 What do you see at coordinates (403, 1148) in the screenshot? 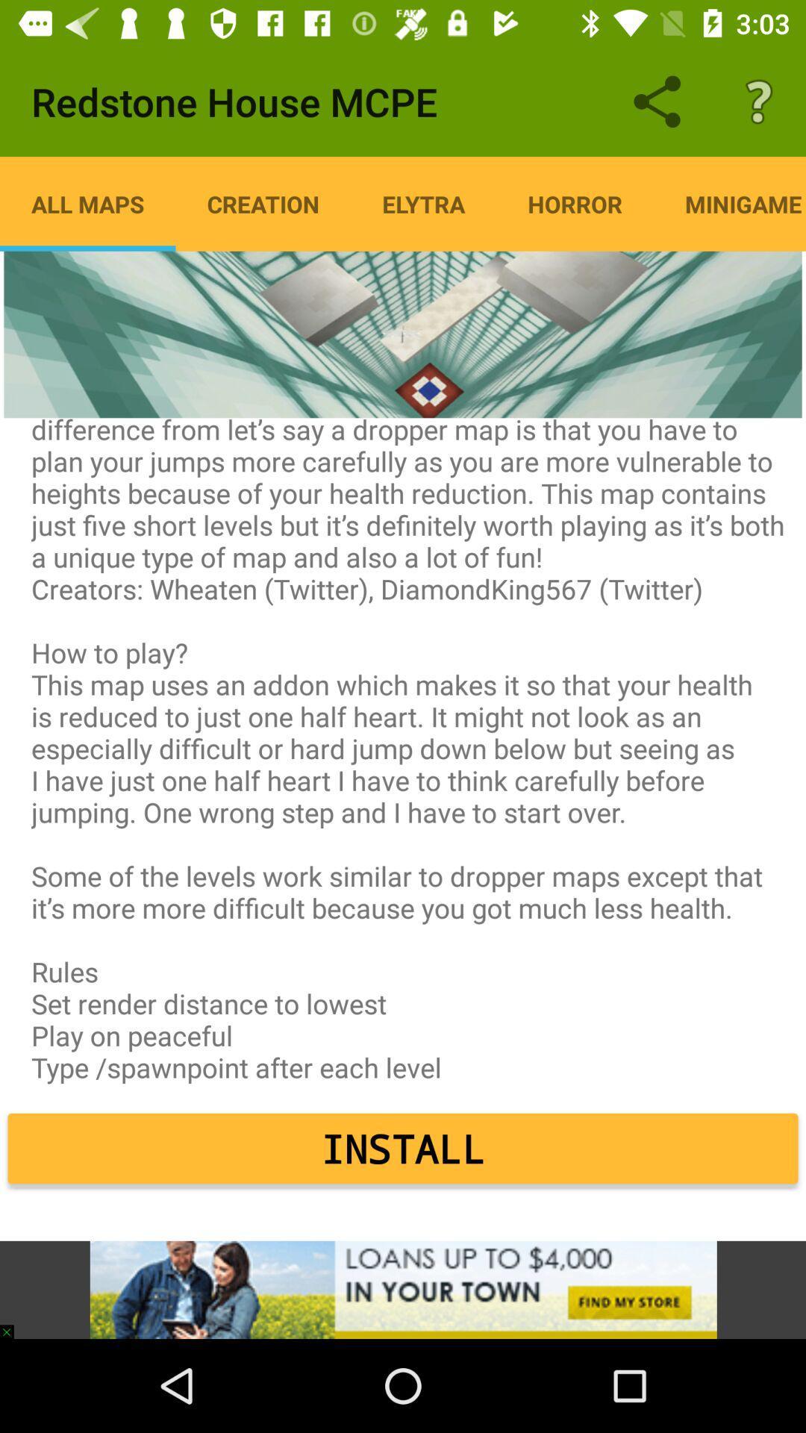
I see `install icon` at bounding box center [403, 1148].